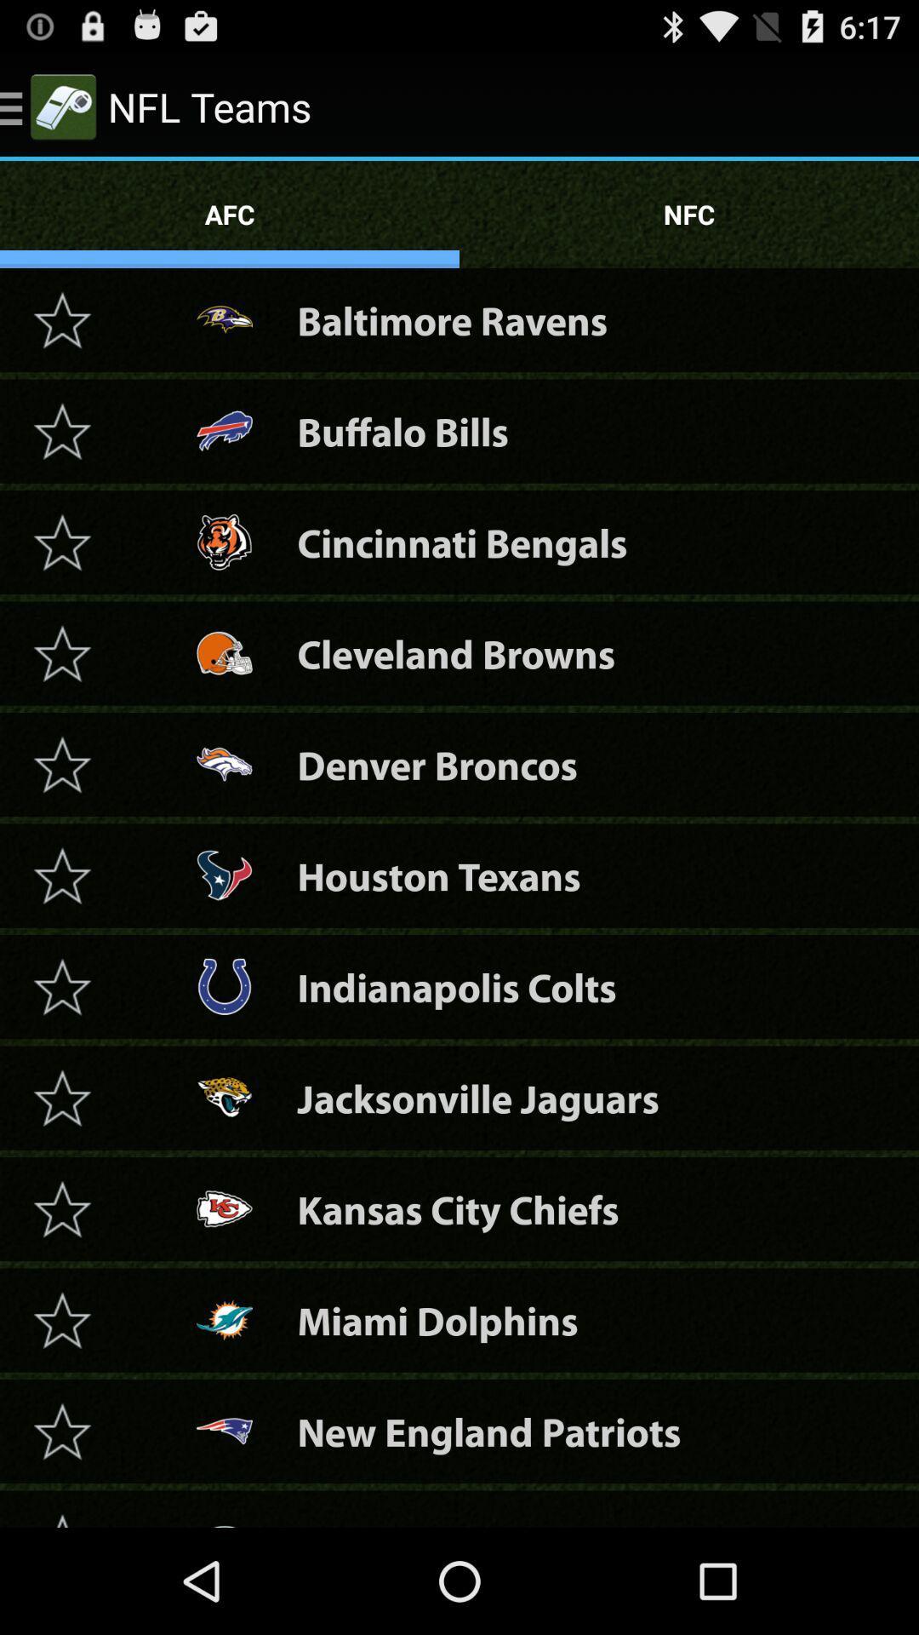  Describe the element at coordinates (61, 652) in the screenshot. I see `team` at that location.